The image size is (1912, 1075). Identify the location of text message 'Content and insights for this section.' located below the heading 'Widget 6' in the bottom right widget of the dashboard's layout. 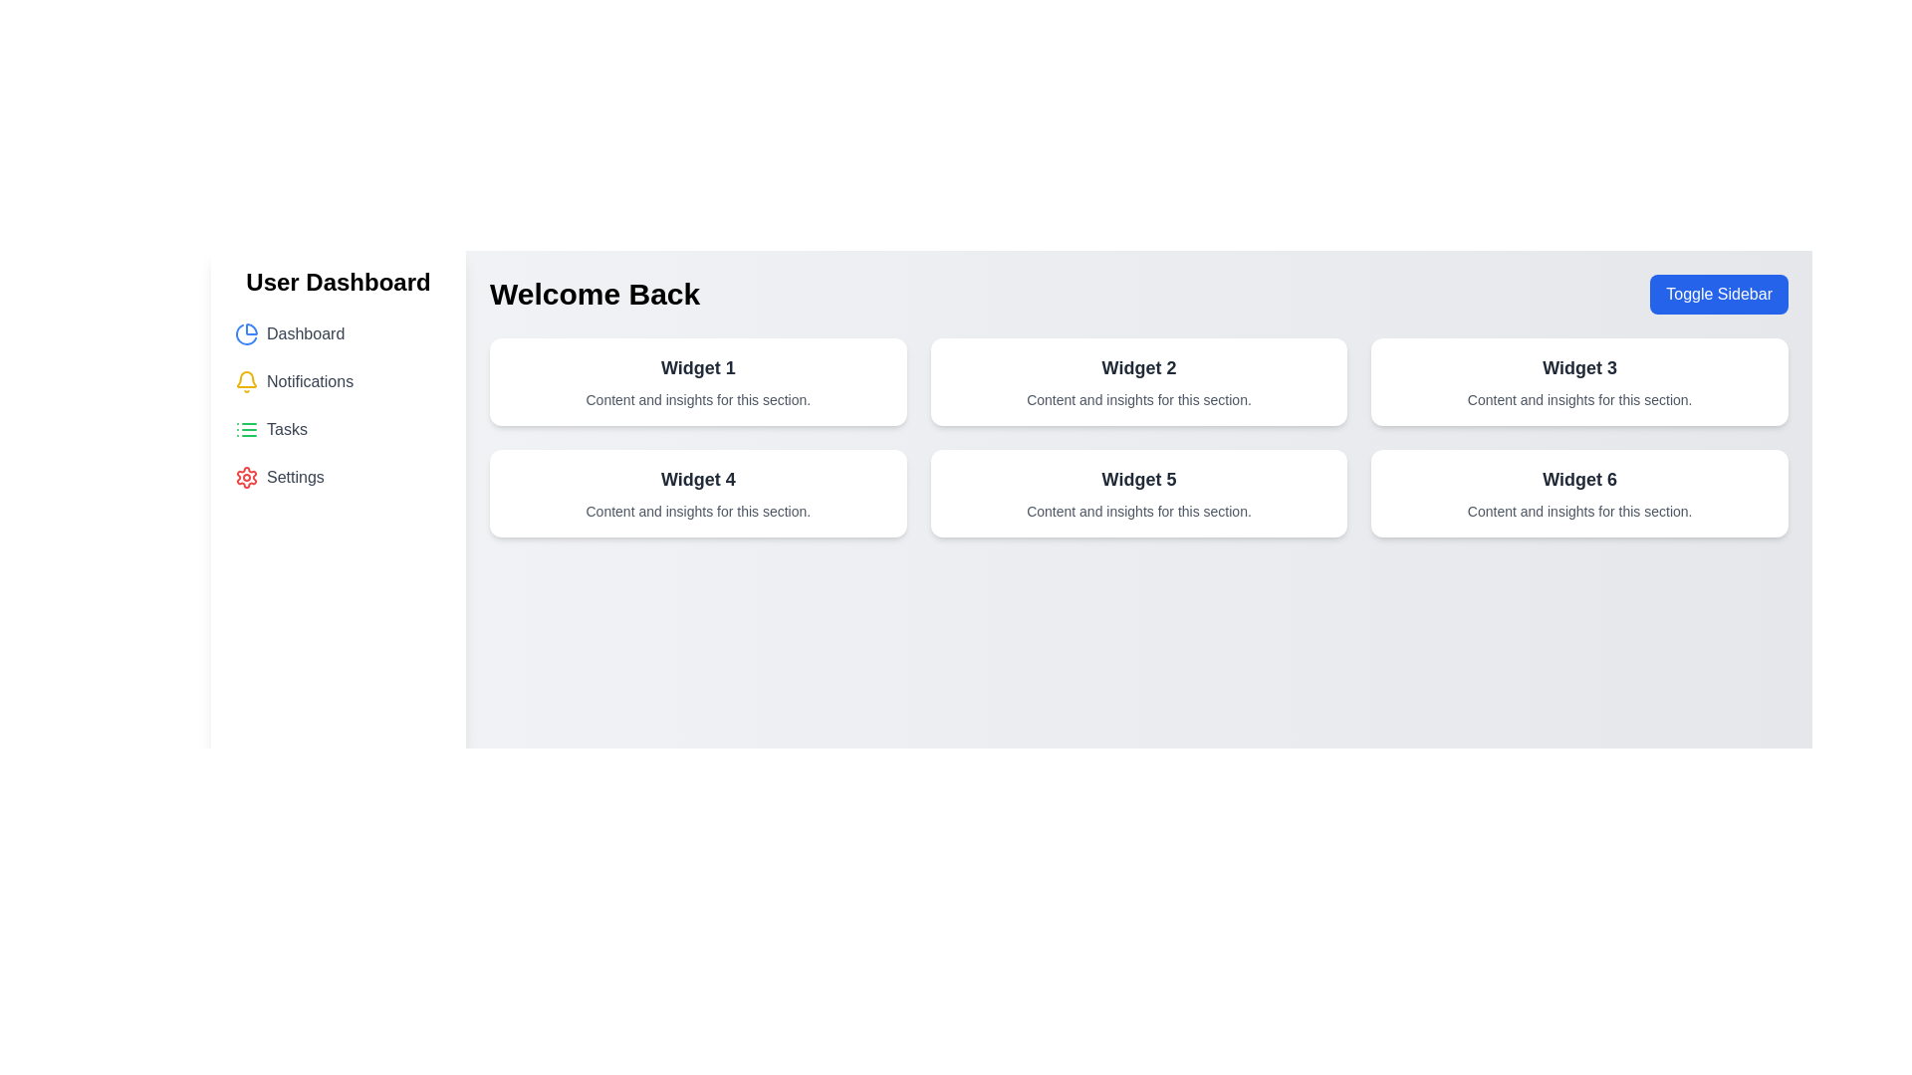
(1578, 510).